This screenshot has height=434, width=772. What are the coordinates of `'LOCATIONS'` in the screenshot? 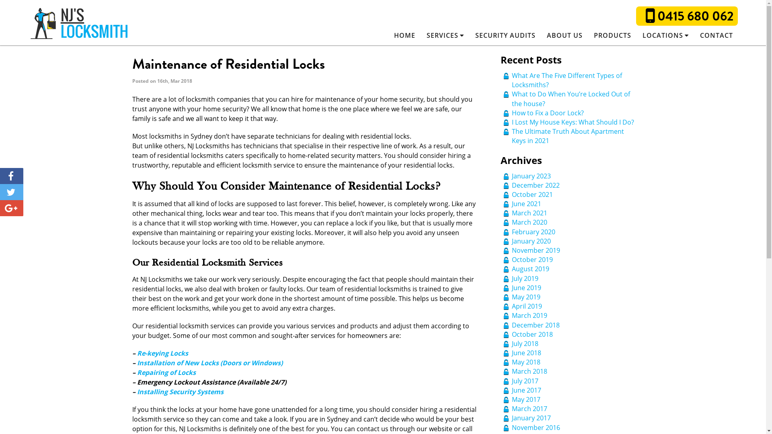 It's located at (637, 35).